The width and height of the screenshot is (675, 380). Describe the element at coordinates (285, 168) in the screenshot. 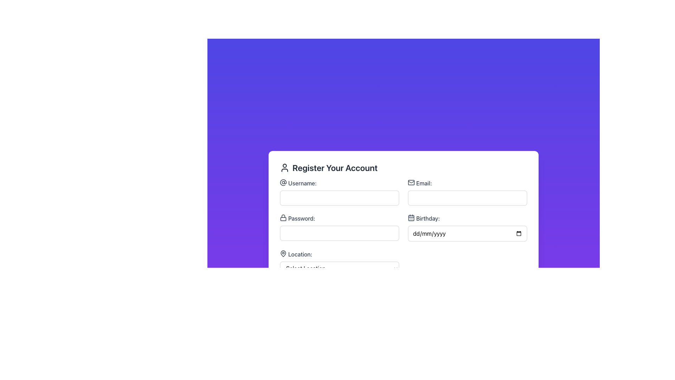

I see `the user profile icon located to the left of the header text 'Register Your Account' in the top-left corner of the section` at that location.